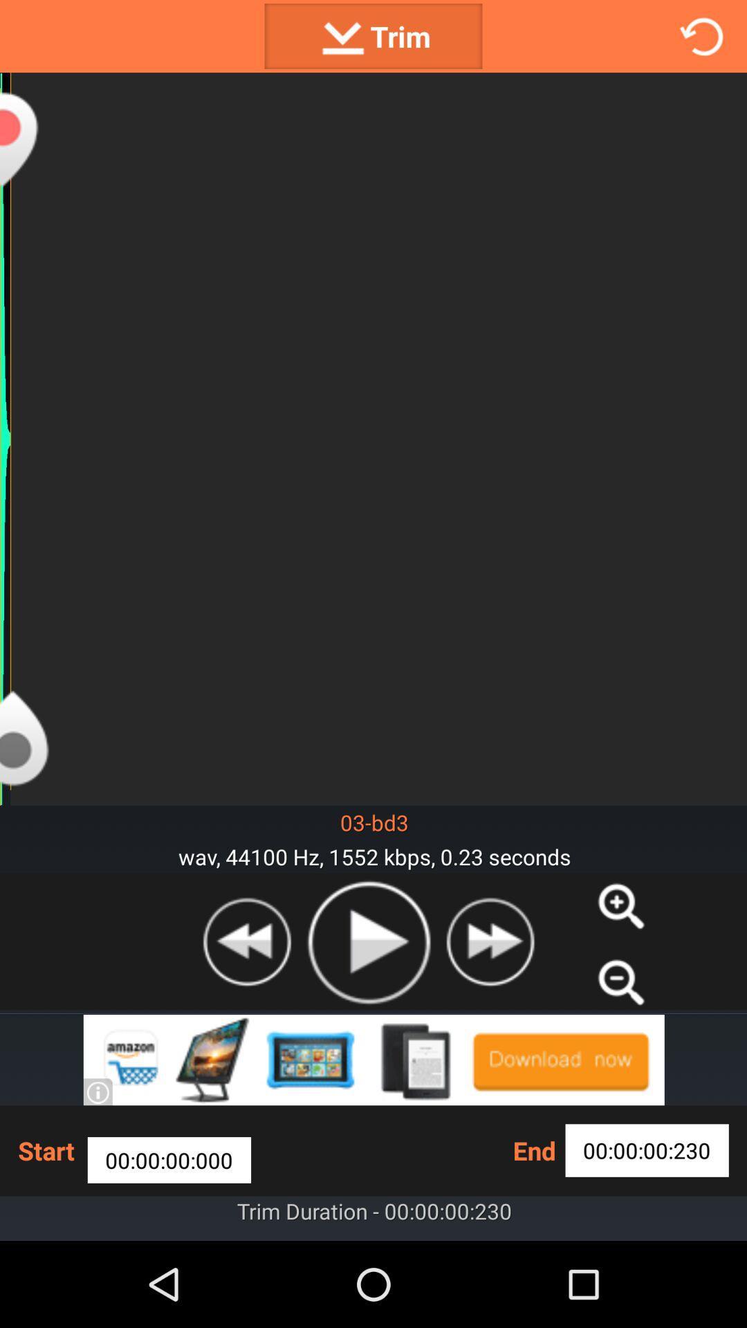 This screenshot has height=1328, width=747. Describe the element at coordinates (701, 36) in the screenshot. I see `reload option` at that location.